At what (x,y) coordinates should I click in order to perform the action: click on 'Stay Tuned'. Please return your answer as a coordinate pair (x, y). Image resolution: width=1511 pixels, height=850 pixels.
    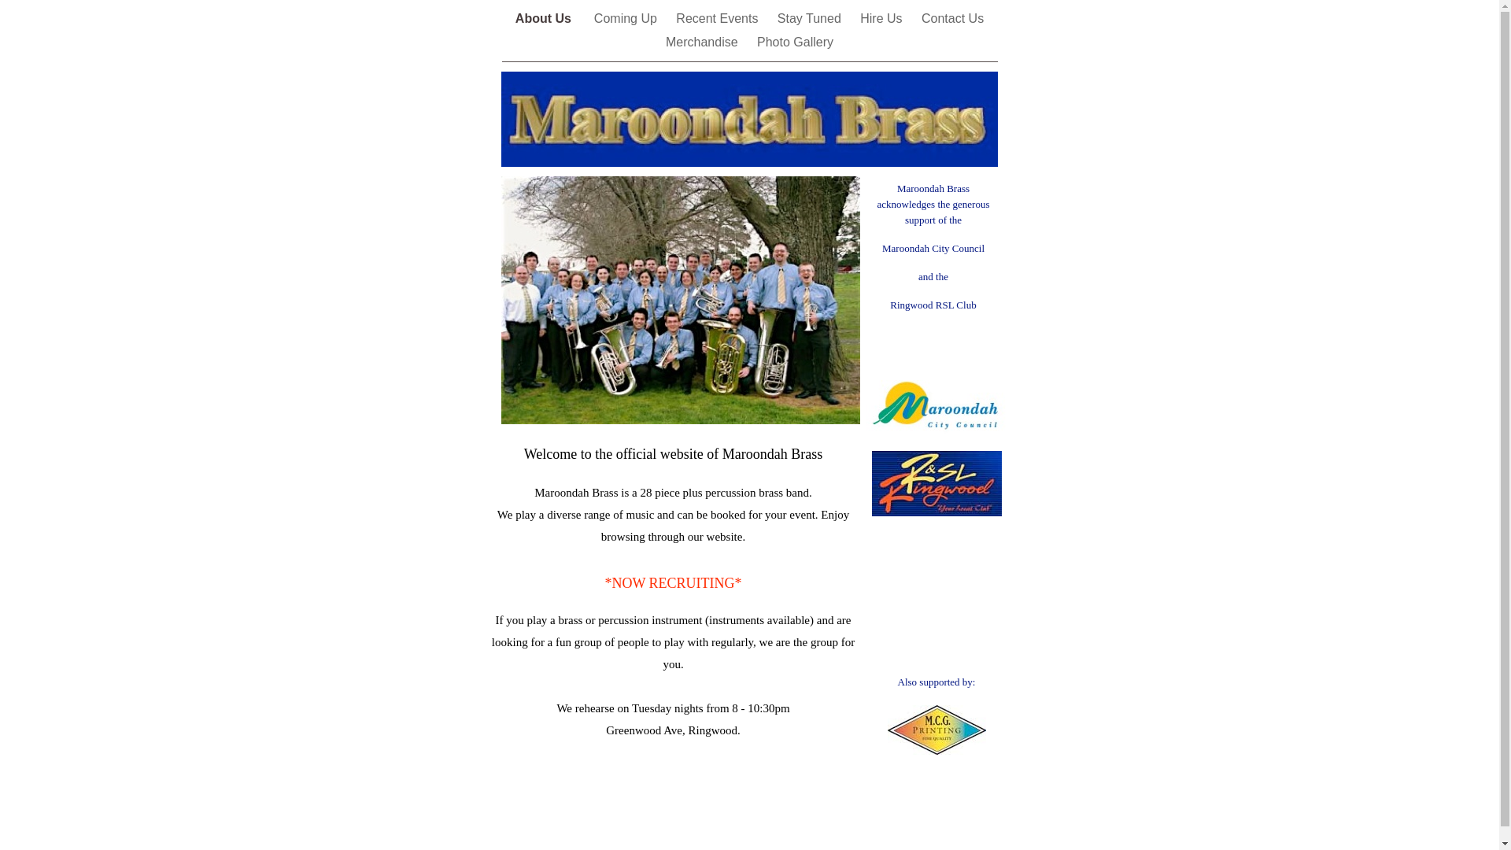
    Looking at the image, I should click on (811, 18).